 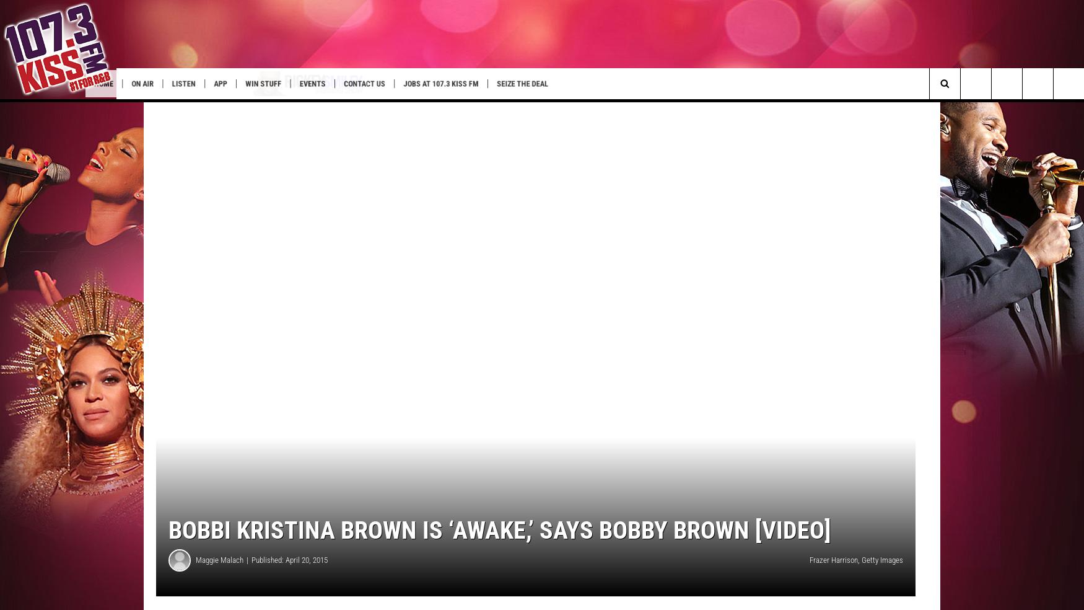 I want to click on 'ETX Fall Fairs & Fstvls', so click(x=107, y=109).